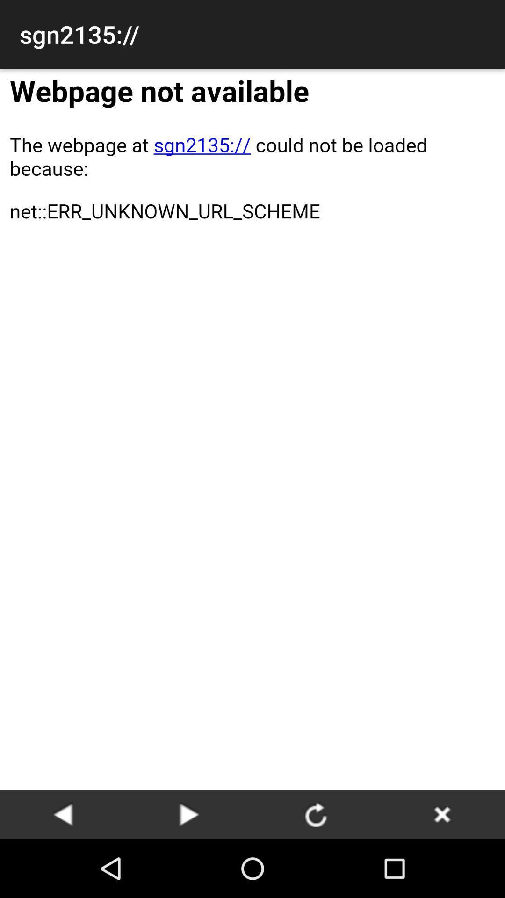 The width and height of the screenshot is (505, 898). What do you see at coordinates (316, 814) in the screenshot?
I see `reload button` at bounding box center [316, 814].